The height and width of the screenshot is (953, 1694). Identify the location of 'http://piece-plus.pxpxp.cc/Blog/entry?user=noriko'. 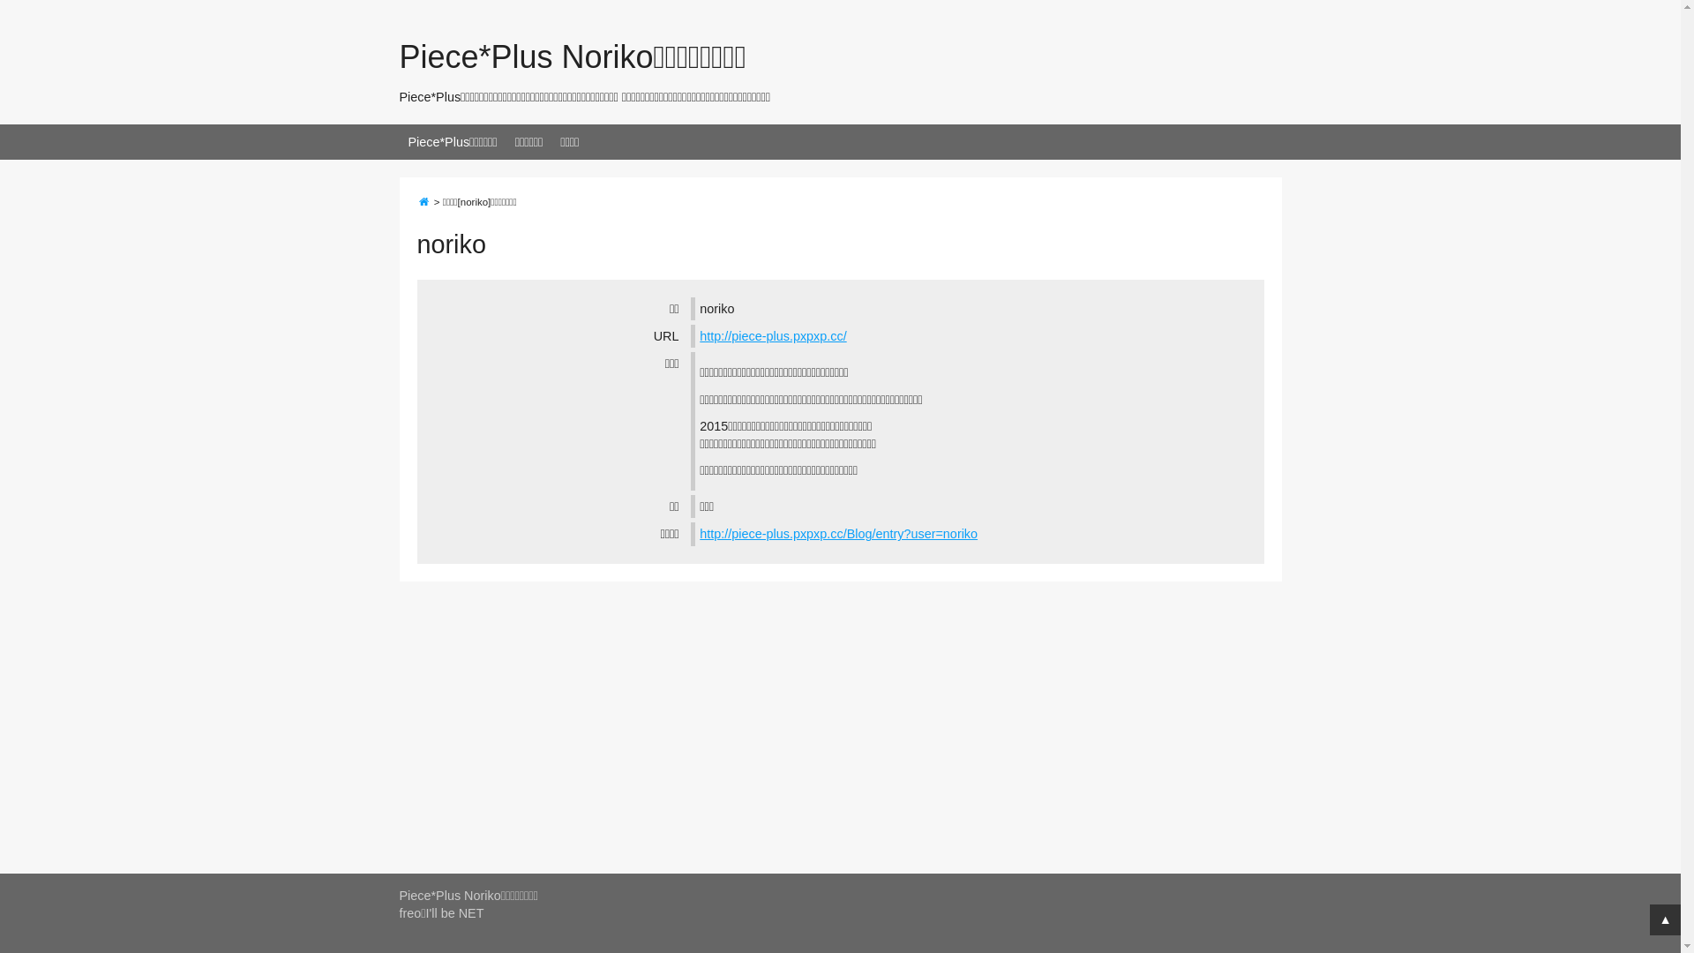
(837, 533).